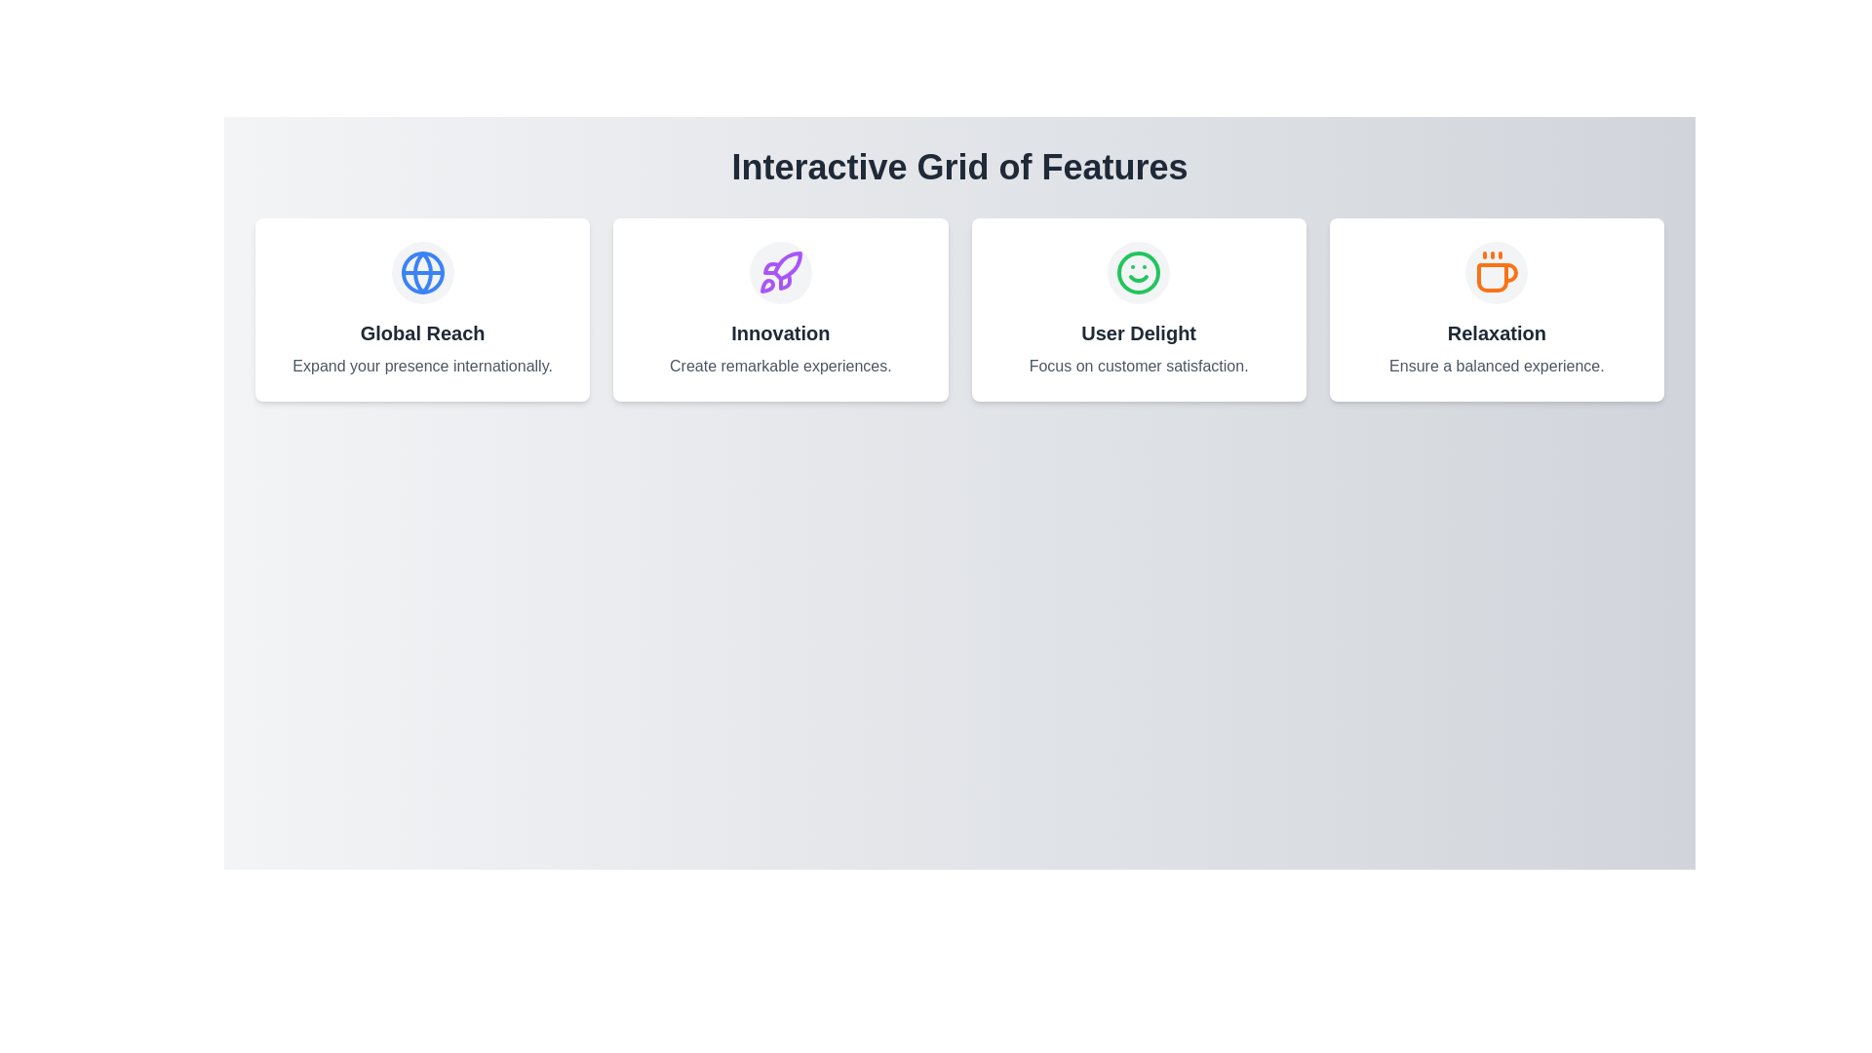 The image size is (1872, 1053). What do you see at coordinates (780, 273) in the screenshot?
I see `the decorative icon representing 'Innovation' located at the center of the second card in a four-card layout to understand its symbolic meaning` at bounding box center [780, 273].